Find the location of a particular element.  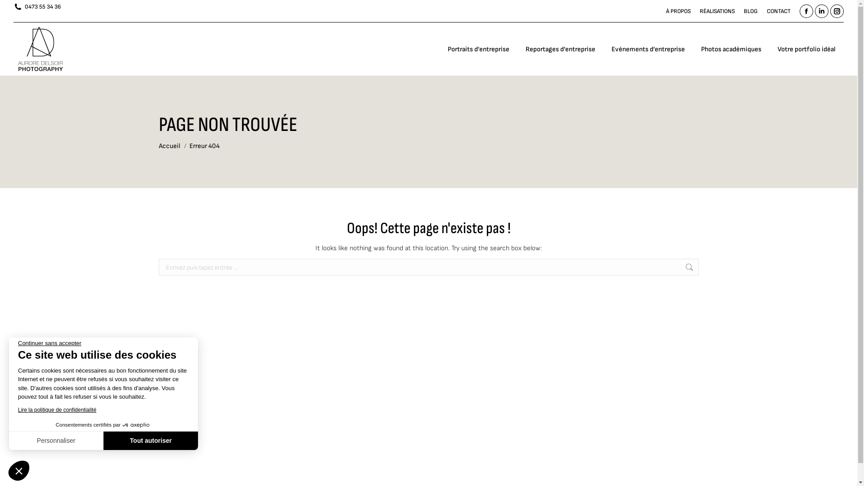

'LinkedIn page opens in new window' is located at coordinates (821, 11).